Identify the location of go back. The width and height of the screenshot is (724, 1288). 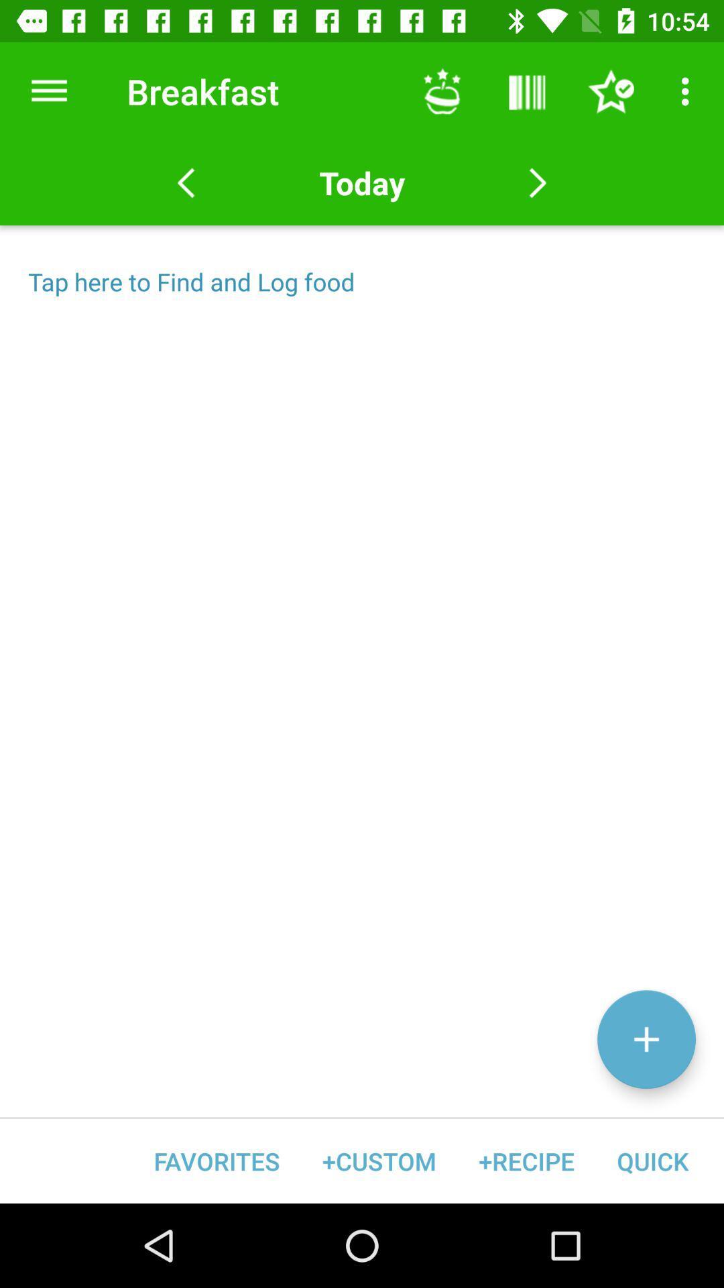
(186, 182).